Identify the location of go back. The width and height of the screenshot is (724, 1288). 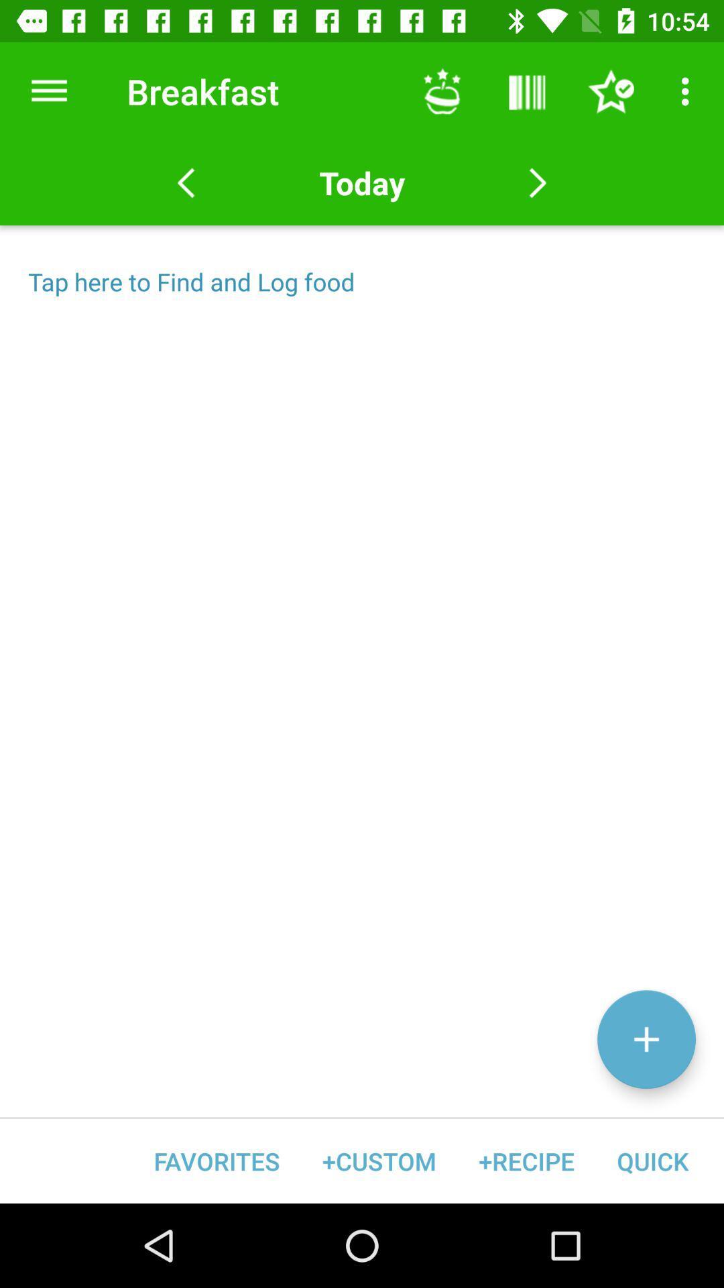
(186, 182).